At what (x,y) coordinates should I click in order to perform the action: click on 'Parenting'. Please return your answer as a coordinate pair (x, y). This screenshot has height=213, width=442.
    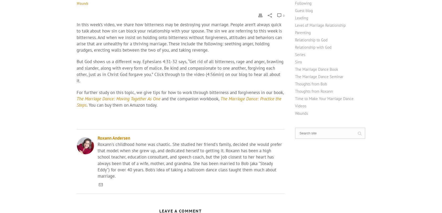
    Looking at the image, I should click on (303, 32).